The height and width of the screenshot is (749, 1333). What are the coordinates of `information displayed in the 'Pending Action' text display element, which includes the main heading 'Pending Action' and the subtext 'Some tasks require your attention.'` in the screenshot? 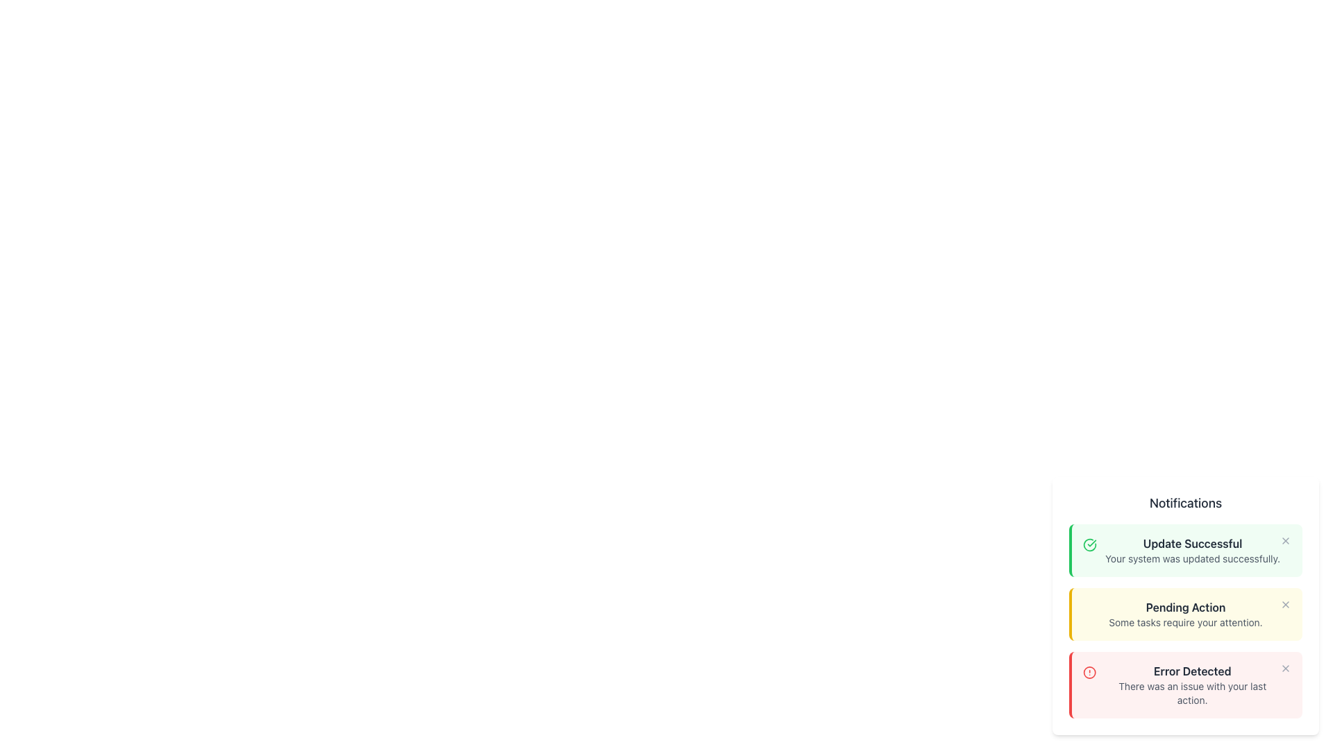 It's located at (1185, 614).